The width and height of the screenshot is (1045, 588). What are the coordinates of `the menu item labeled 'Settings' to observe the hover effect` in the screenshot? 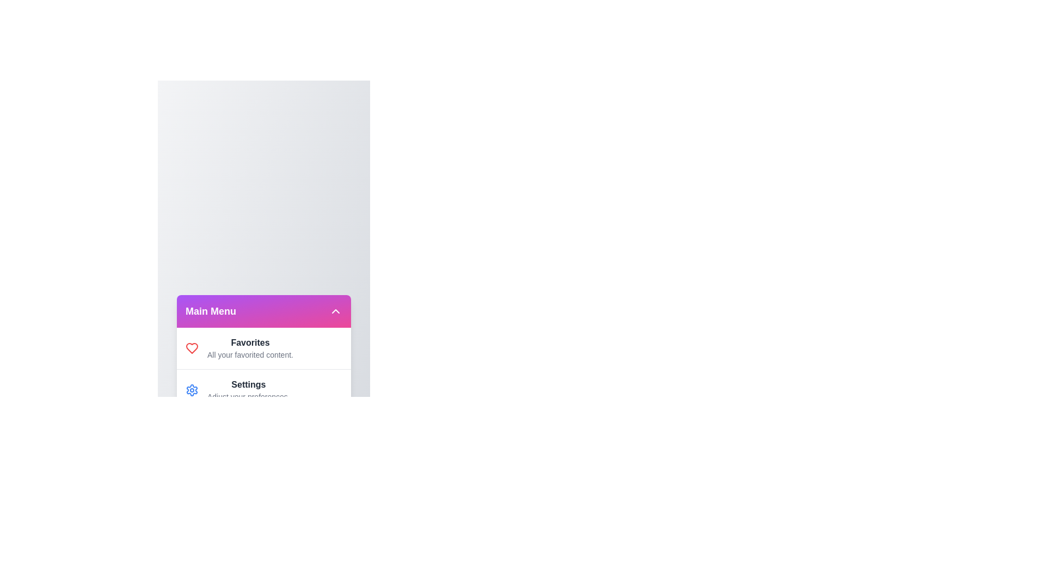 It's located at (192, 389).